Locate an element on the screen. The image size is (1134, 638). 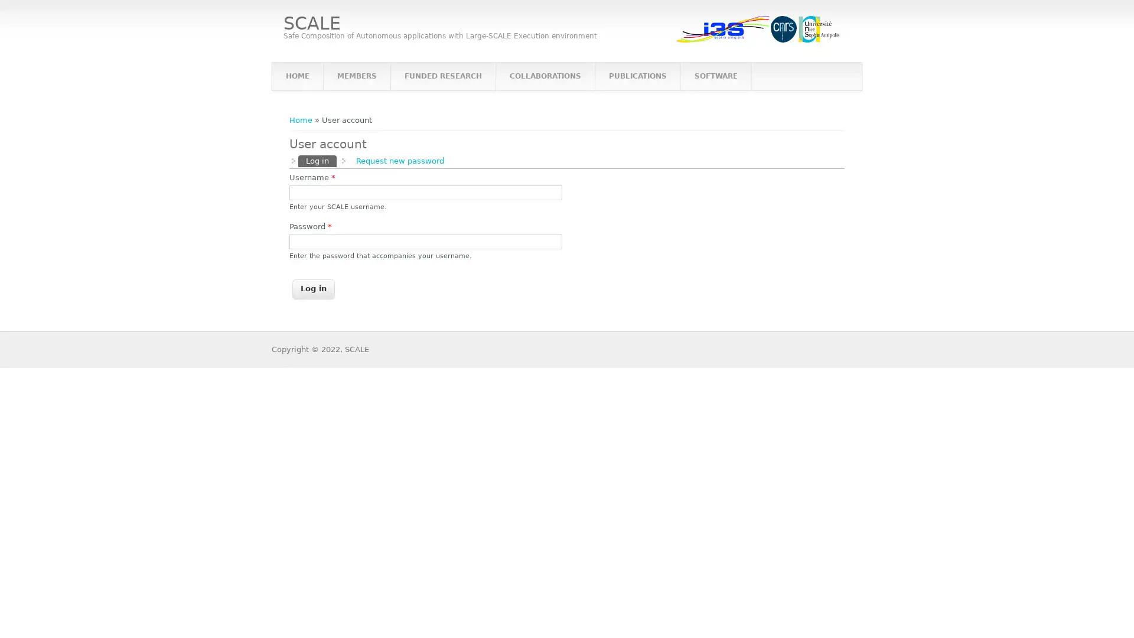
Log in is located at coordinates (314, 289).